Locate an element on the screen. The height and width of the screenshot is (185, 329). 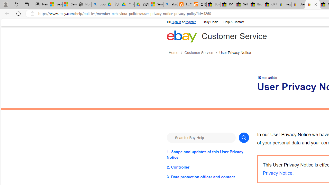
'Customer Service' is located at coordinates (202, 53).